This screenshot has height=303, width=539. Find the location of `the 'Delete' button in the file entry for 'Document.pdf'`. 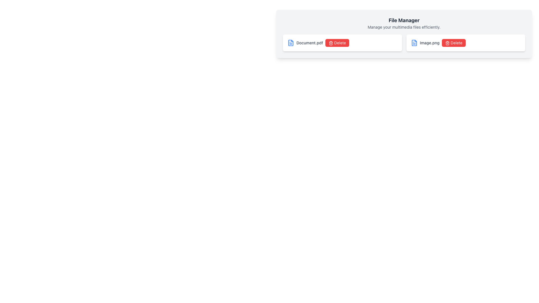

the 'Delete' button in the file entry for 'Document.pdf' is located at coordinates (342, 43).